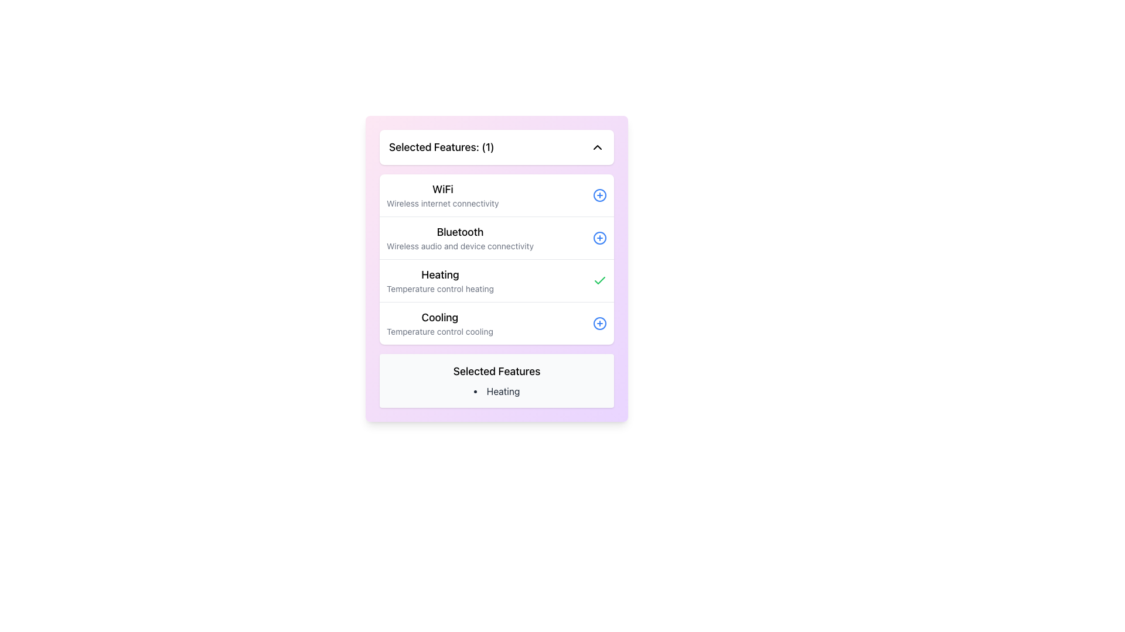 This screenshot has width=1125, height=632. I want to click on information displayed in the list item labeled 'Cooling', which includes the bold text 'Cooling' and the smaller text 'Temperature control cooling', so click(439, 323).